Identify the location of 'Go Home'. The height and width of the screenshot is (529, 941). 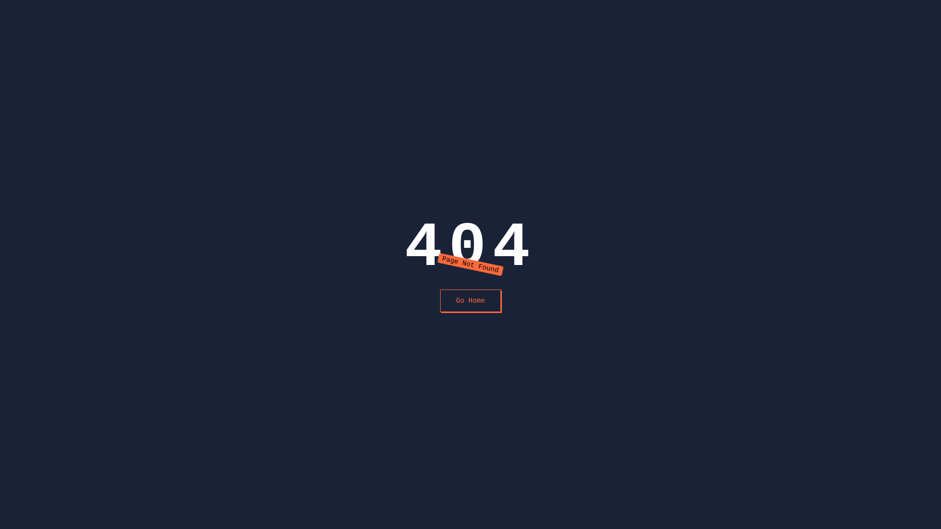
(470, 300).